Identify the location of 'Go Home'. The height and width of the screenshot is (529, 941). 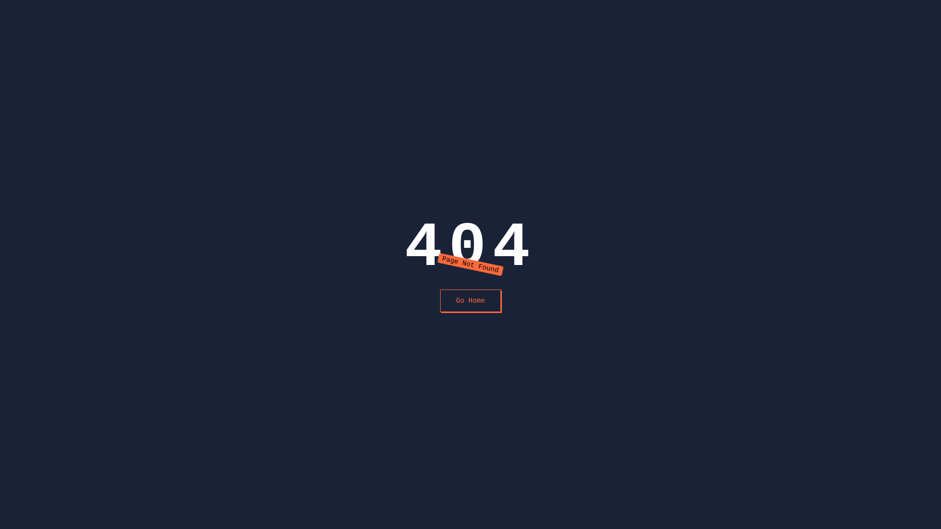
(470, 300).